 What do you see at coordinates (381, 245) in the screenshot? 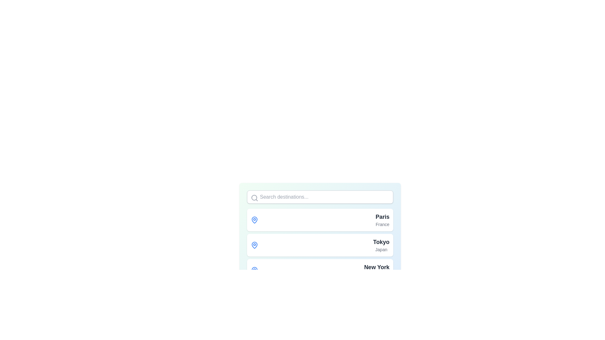
I see `the text label displaying location details for 'Tokyo, Japan'` at bounding box center [381, 245].